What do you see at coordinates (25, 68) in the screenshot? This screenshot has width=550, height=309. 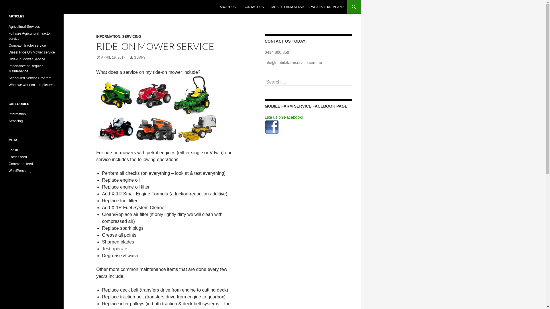 I see `'Importance of Regular Maintenance'` at bounding box center [25, 68].